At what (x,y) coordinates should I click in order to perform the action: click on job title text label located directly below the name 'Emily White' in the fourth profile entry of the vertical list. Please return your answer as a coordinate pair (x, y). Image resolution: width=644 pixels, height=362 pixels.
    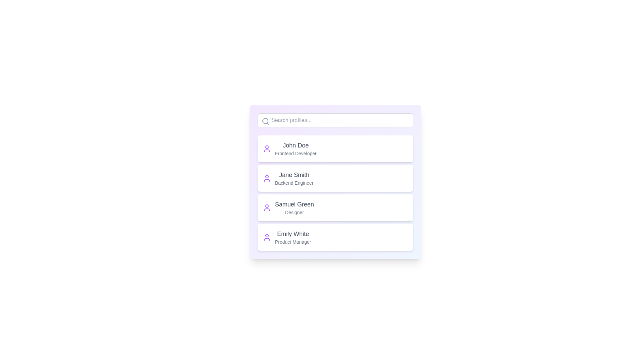
    Looking at the image, I should click on (293, 242).